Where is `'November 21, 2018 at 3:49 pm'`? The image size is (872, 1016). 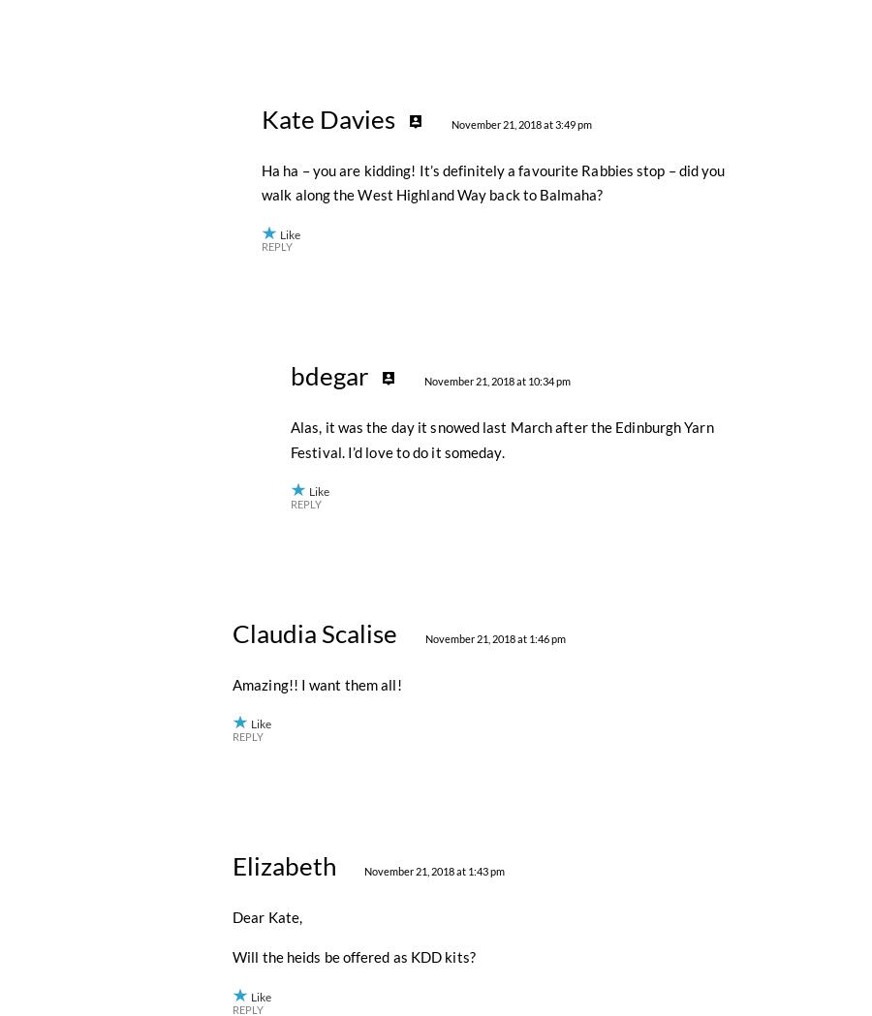 'November 21, 2018 at 3:49 pm' is located at coordinates (519, 548).